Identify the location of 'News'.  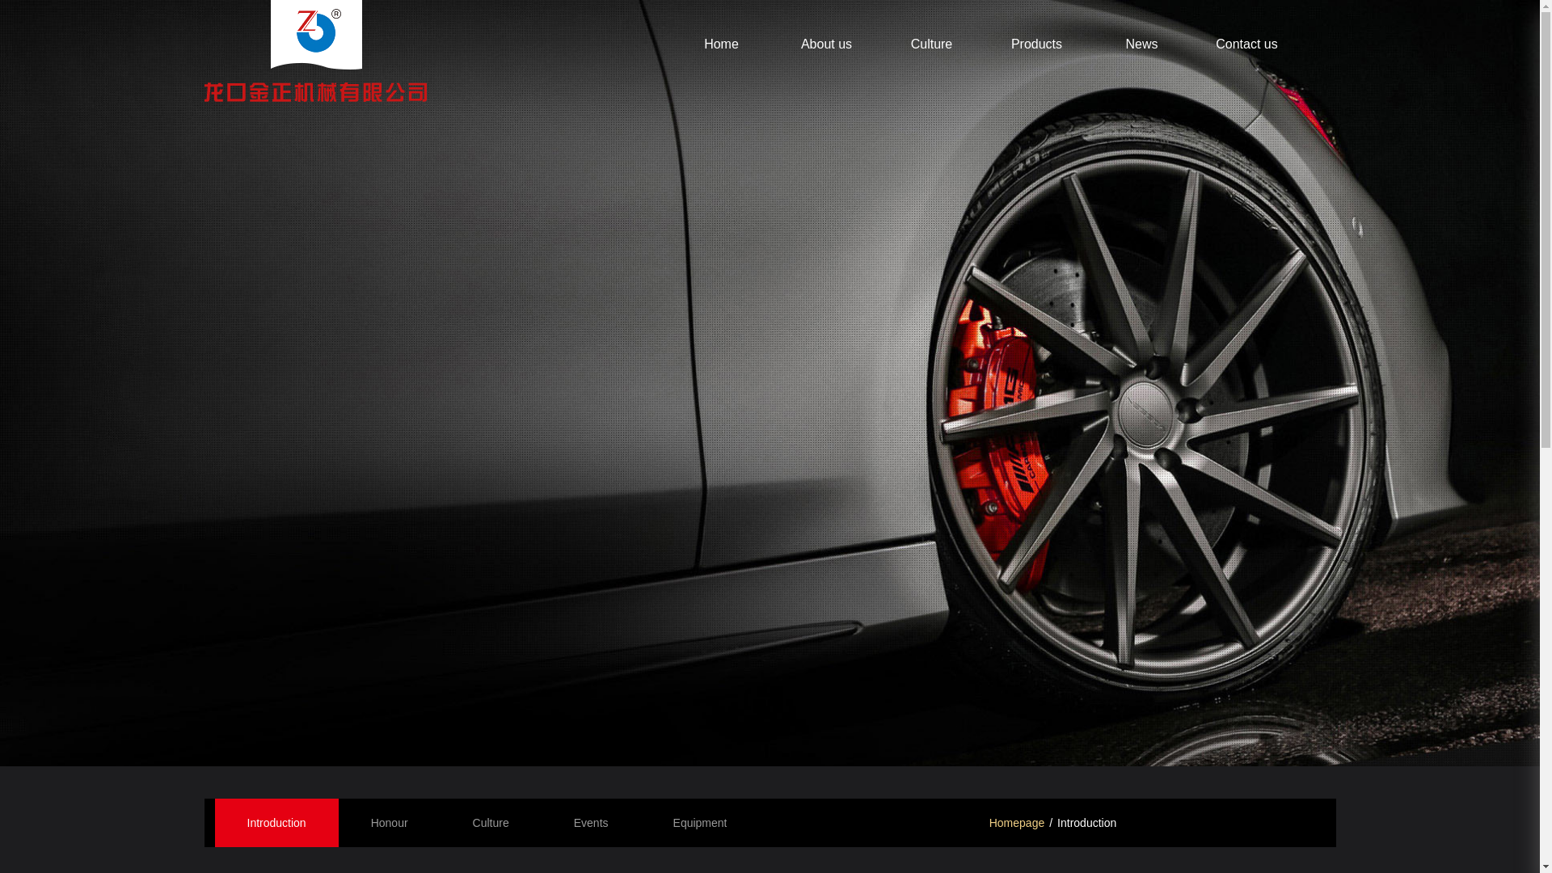
(1140, 43).